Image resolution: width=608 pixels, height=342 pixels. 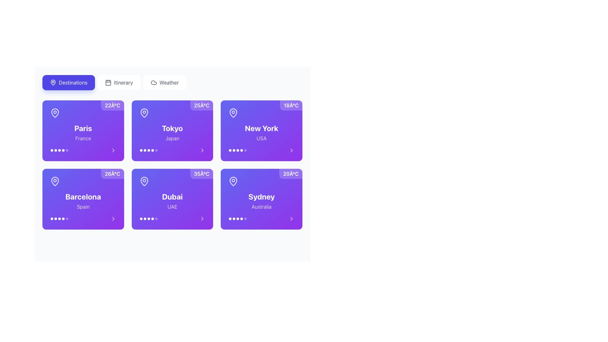 I want to click on the static text label indicating the country associated with the city 'Barcelona', located directly below the 'Barcelona' label within its card, so click(x=83, y=206).